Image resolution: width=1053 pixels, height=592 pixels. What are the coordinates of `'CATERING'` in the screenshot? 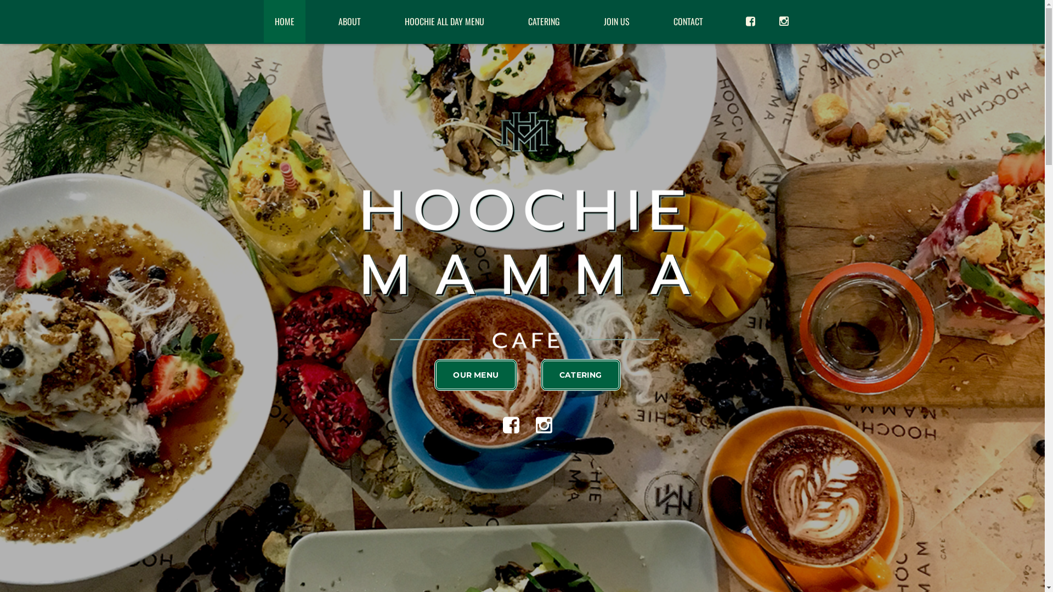 It's located at (580, 374).